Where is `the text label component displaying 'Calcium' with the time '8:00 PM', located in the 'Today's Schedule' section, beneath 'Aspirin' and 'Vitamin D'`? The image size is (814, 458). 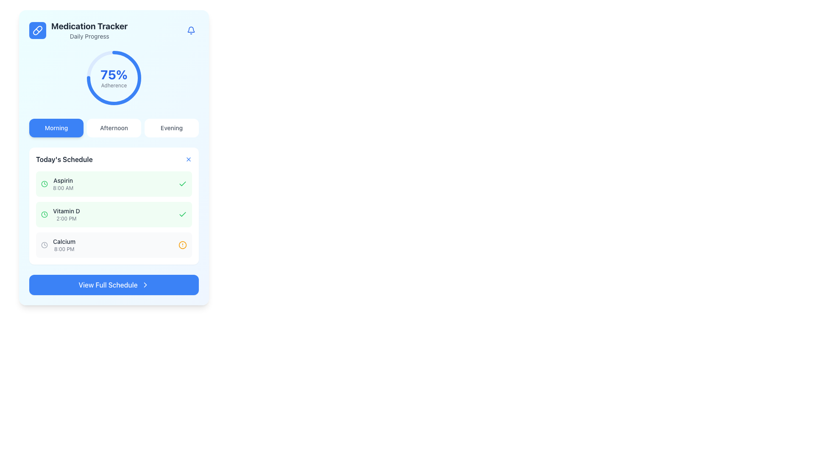
the text label component displaying 'Calcium' with the time '8:00 PM', located in the 'Today's Schedule' section, beneath 'Aspirin' and 'Vitamin D' is located at coordinates (64, 245).